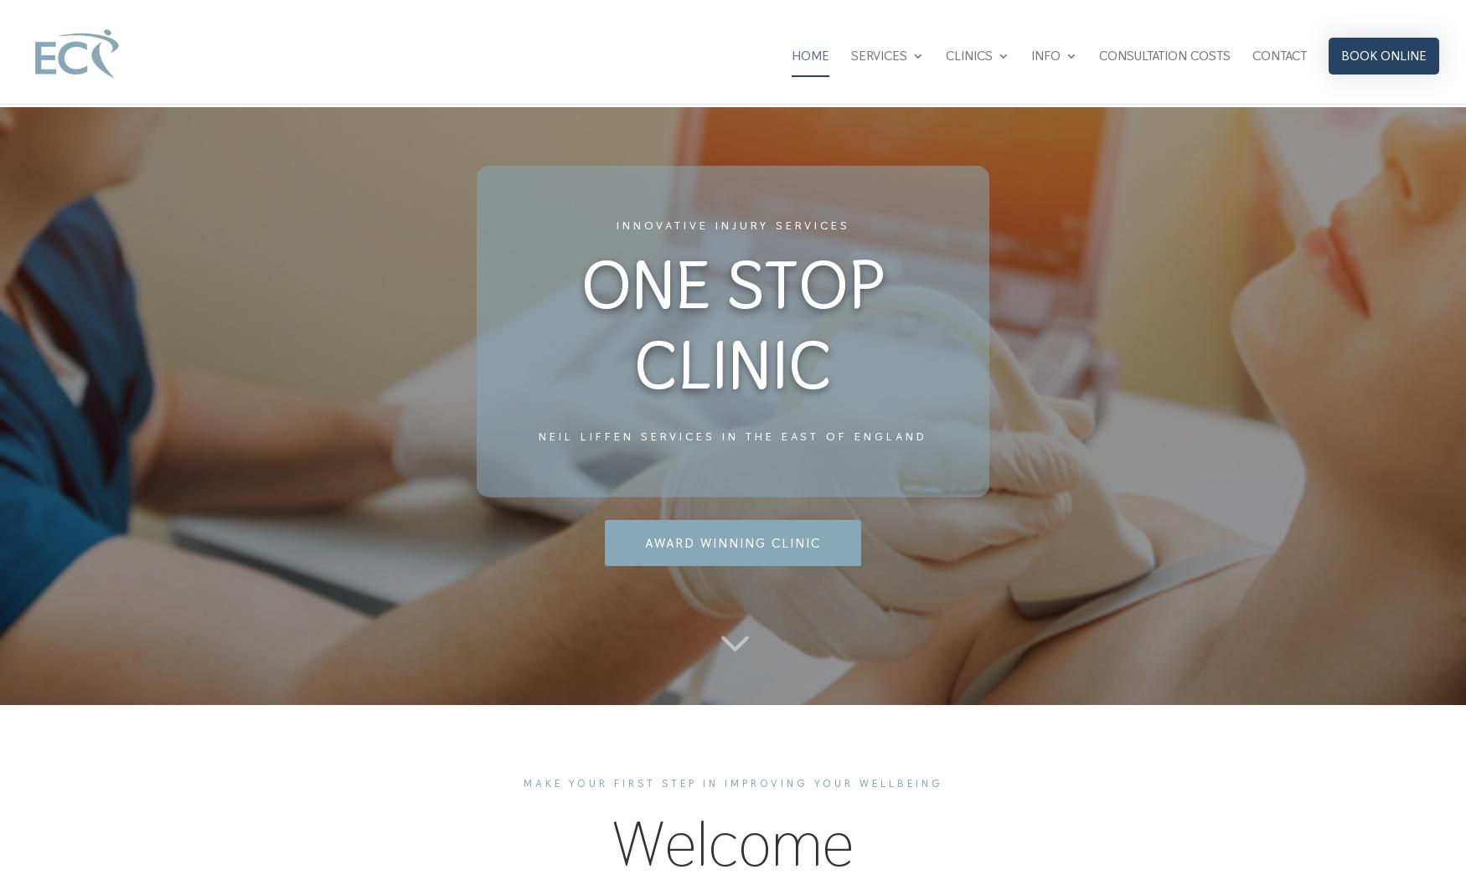 This screenshot has height=875, width=1466. I want to click on 'COVID-19 PROCEDURES', so click(1064, 221).